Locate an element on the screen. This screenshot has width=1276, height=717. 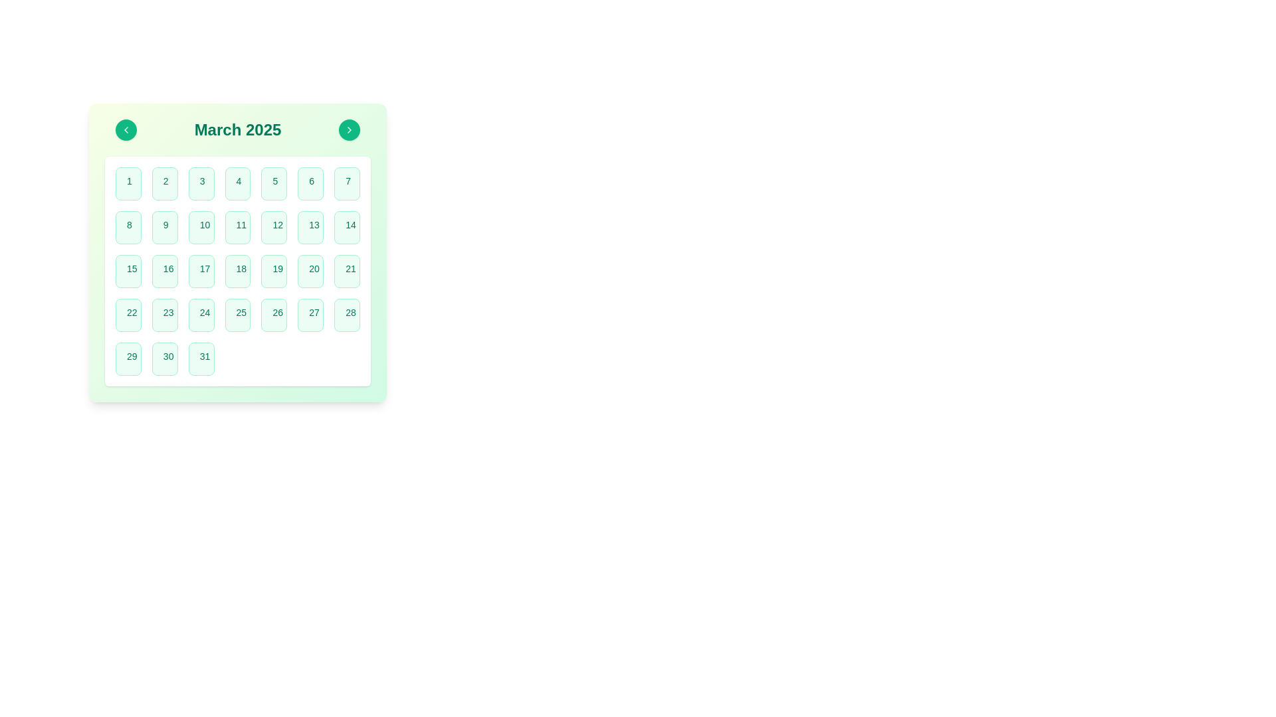
the square-shaped button with rounded corners and a light green background, displaying the number '10' in bold, medium-sized font, located in the second row and third column of a 7-column grid layout is located at coordinates (201, 227).